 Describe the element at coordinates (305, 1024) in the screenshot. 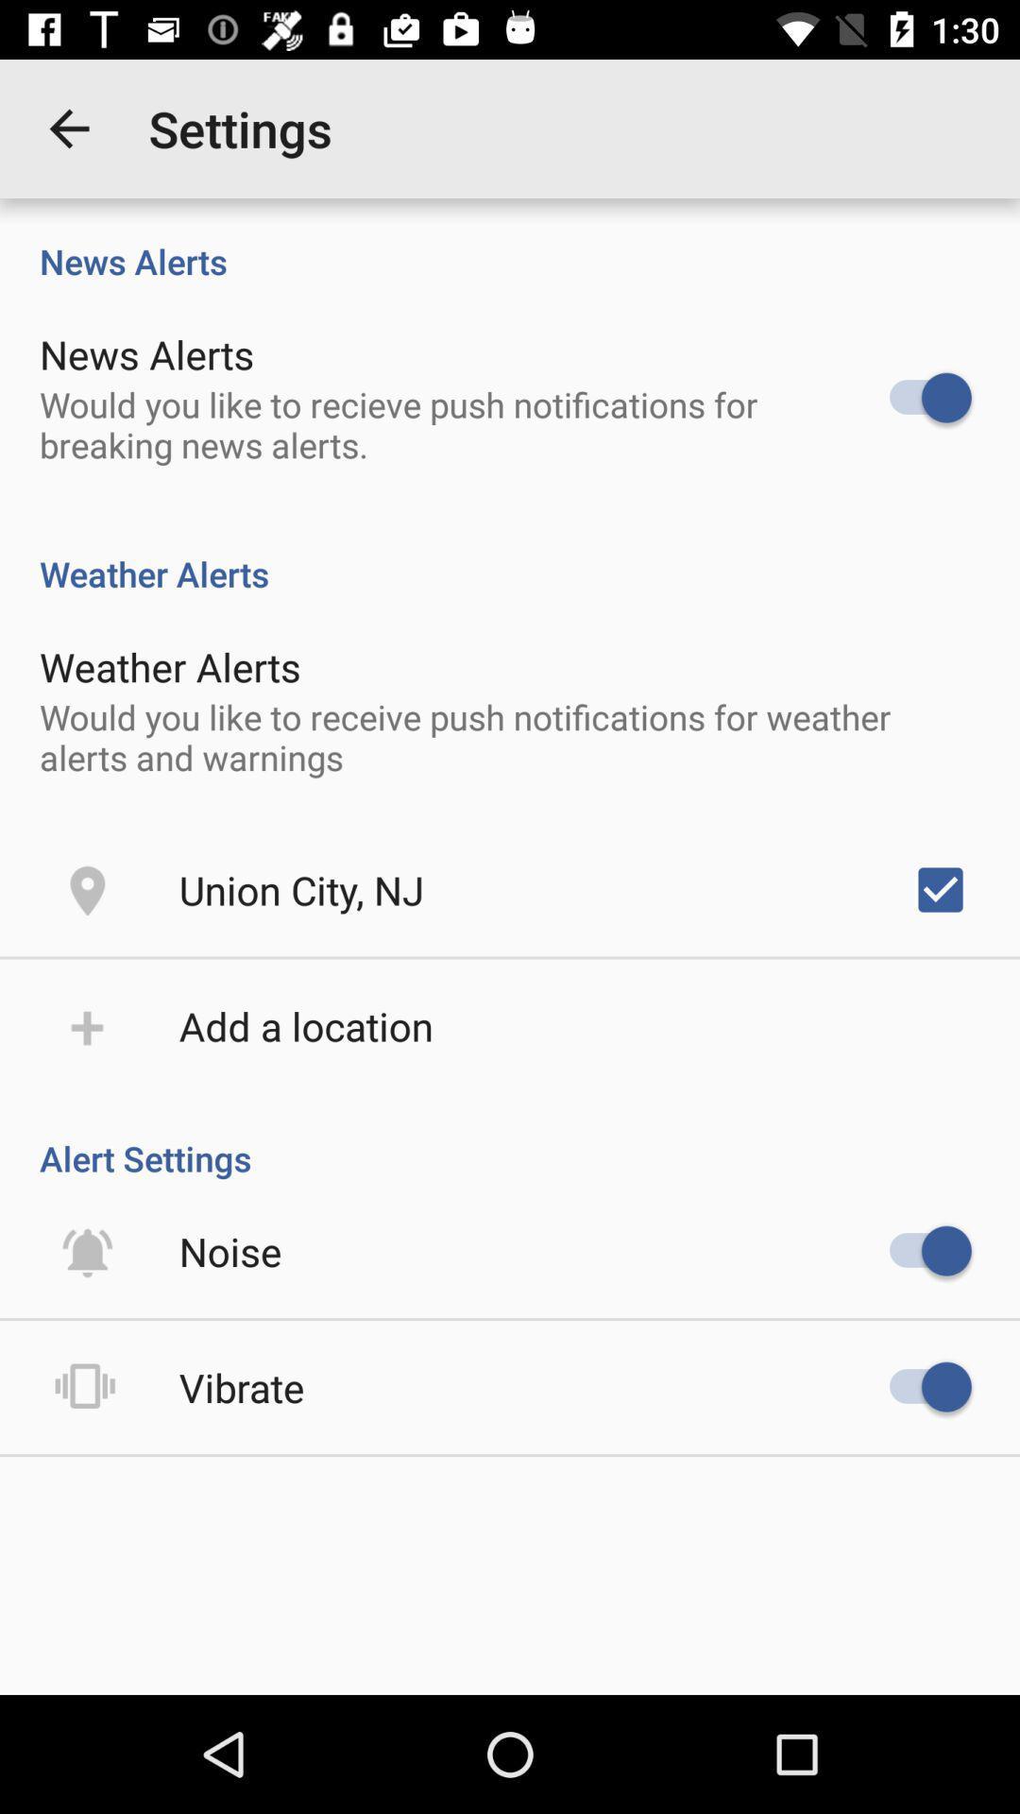

I see `item above the alert settings` at that location.